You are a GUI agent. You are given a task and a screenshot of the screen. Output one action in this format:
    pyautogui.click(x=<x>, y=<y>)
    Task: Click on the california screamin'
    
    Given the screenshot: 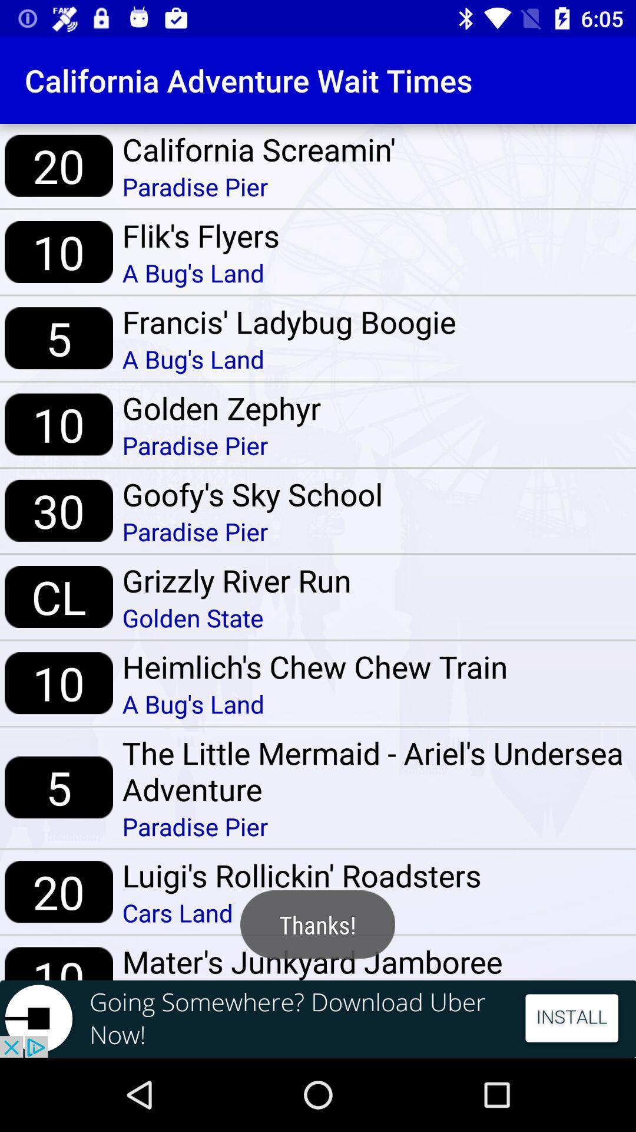 What is the action you would take?
    pyautogui.click(x=258, y=149)
    